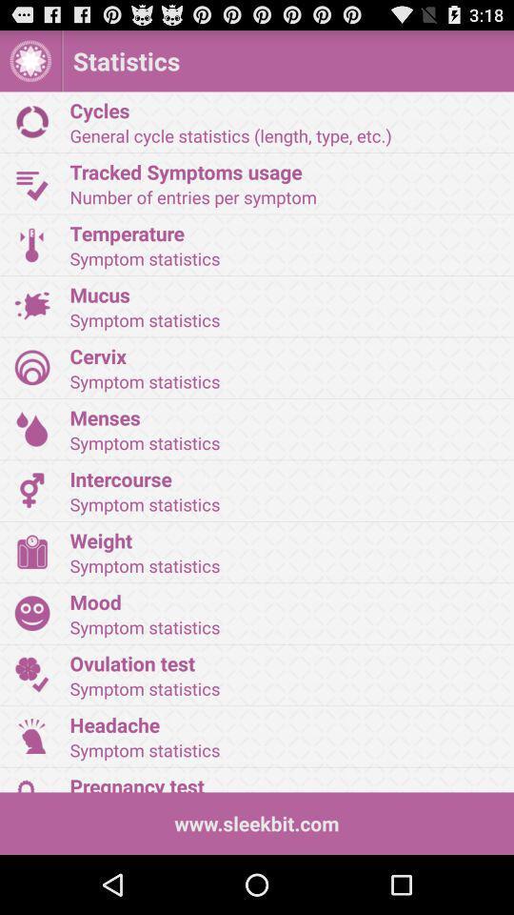  Describe the element at coordinates (285, 355) in the screenshot. I see `the cervix app` at that location.